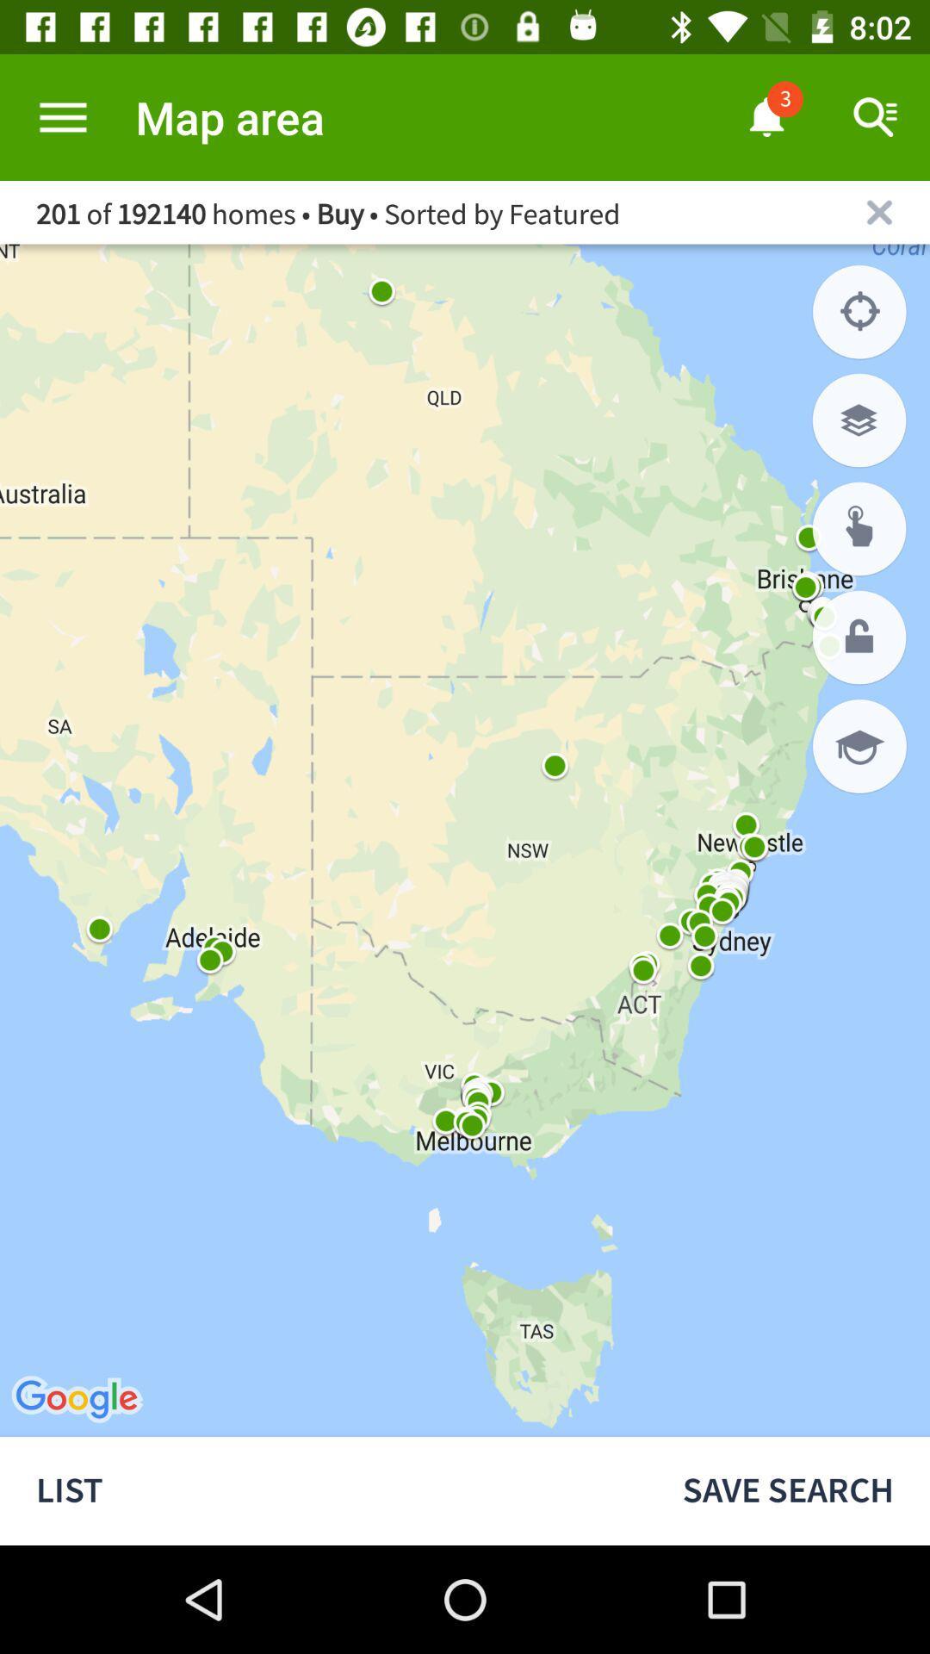  What do you see at coordinates (62, 116) in the screenshot?
I see `the icon next to map area icon` at bounding box center [62, 116].